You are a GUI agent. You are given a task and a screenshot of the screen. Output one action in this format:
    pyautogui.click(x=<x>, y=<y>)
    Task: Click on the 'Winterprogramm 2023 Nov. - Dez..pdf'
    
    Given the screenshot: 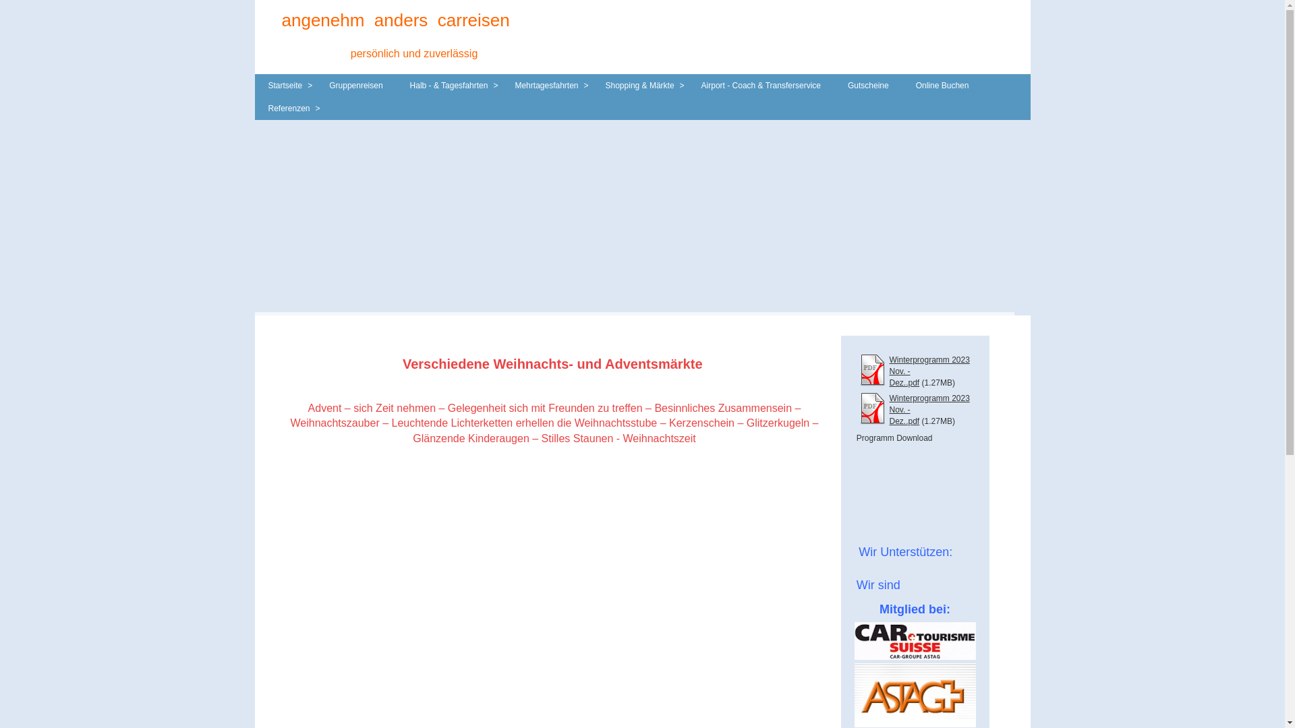 What is the action you would take?
    pyautogui.click(x=889, y=409)
    